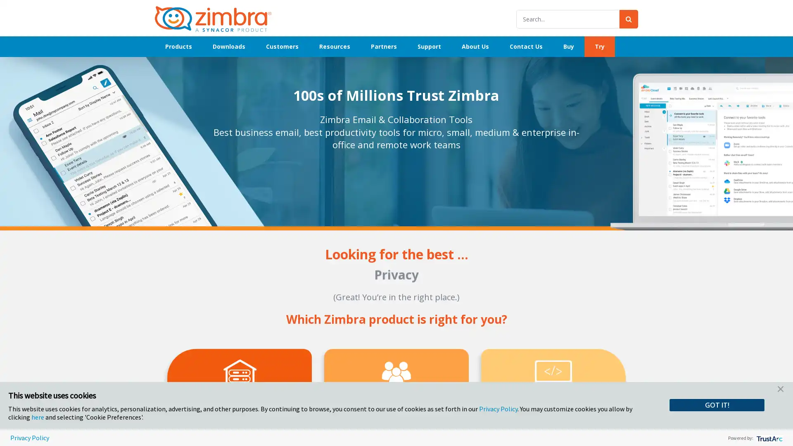  What do you see at coordinates (717, 404) in the screenshot?
I see `GOT IT!` at bounding box center [717, 404].